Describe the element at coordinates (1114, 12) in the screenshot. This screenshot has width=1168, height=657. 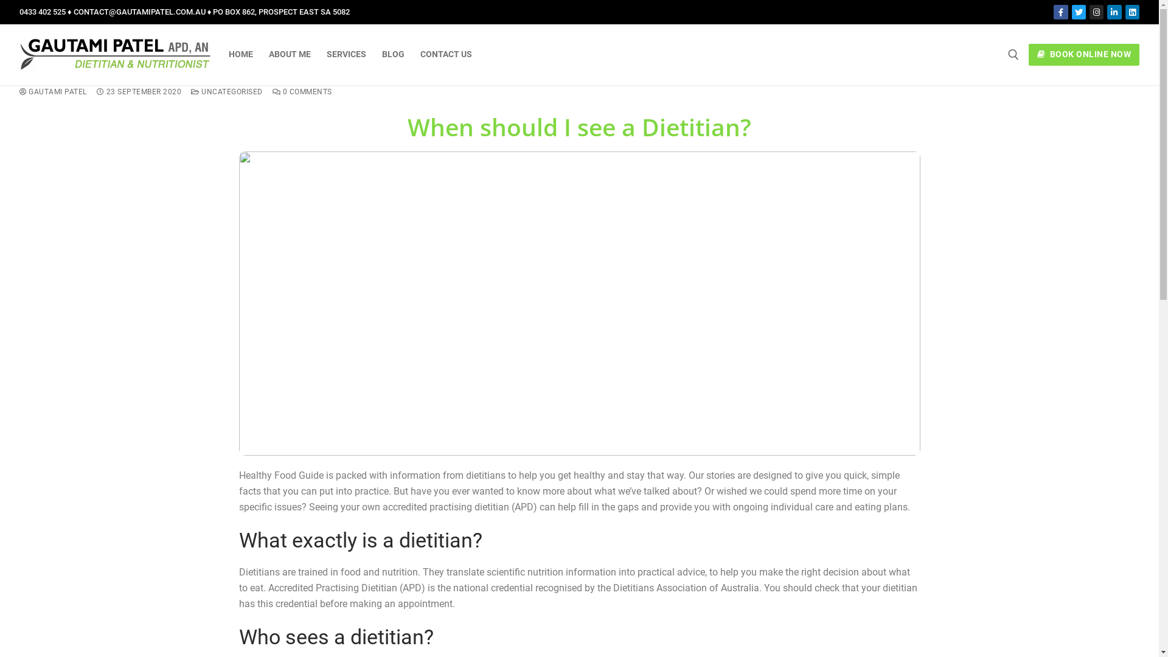
I see `'LinkedIn Company'` at that location.